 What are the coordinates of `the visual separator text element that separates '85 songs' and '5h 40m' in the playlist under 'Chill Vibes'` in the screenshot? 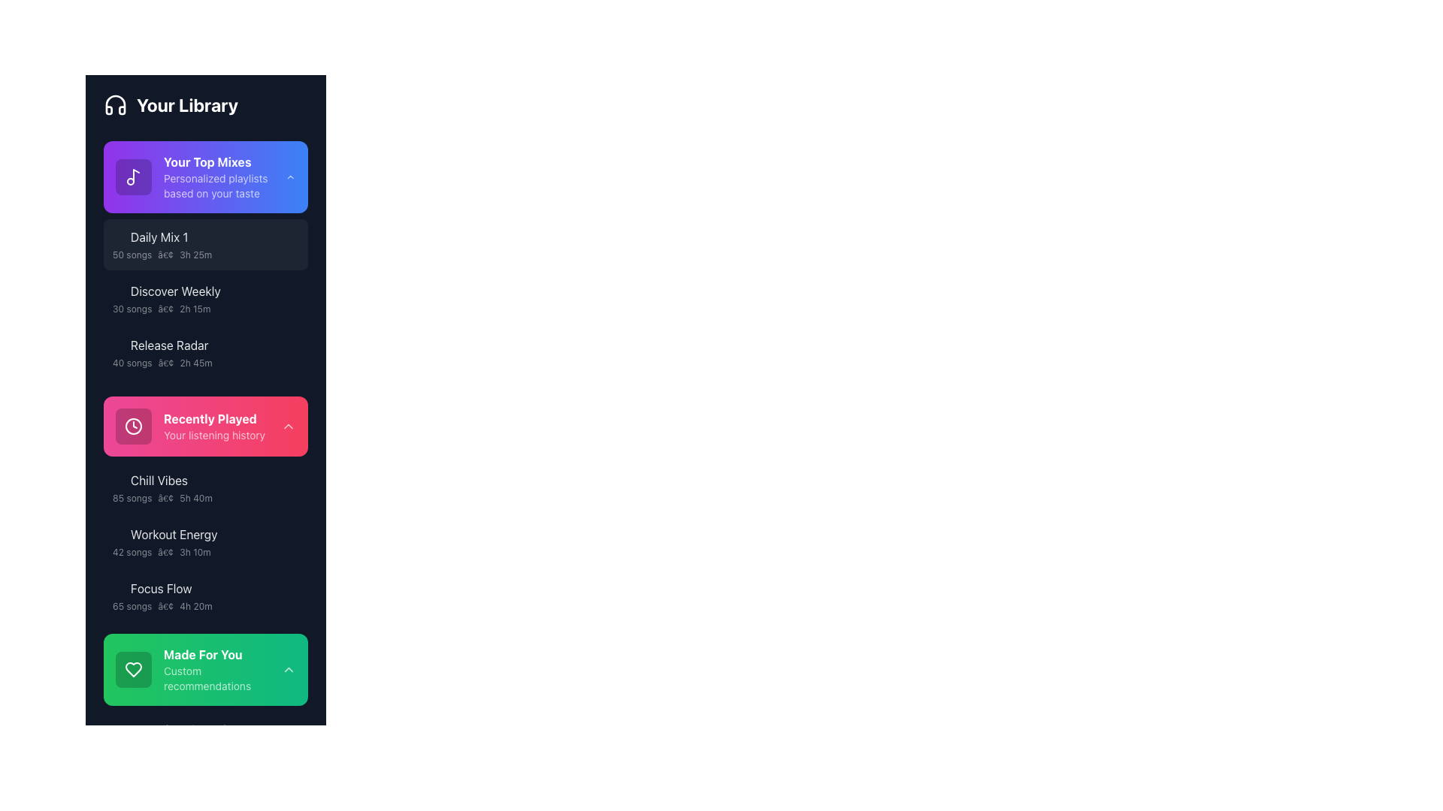 It's located at (165, 498).